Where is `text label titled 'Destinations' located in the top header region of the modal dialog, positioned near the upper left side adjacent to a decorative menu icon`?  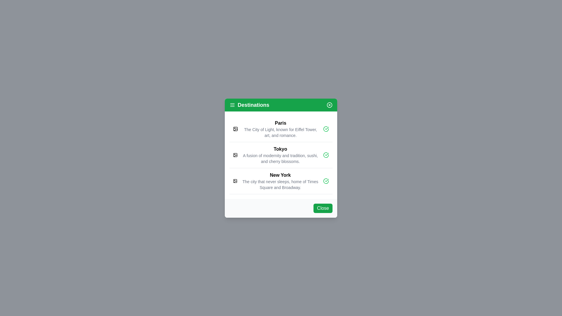
text label titled 'Destinations' located in the top header region of the modal dialog, positioned near the upper left side adjacent to a decorative menu icon is located at coordinates (249, 104).